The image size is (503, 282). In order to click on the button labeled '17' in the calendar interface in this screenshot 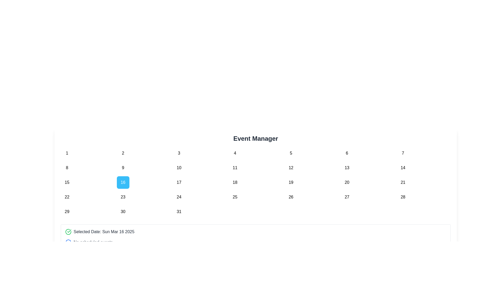, I will do `click(179, 182)`.